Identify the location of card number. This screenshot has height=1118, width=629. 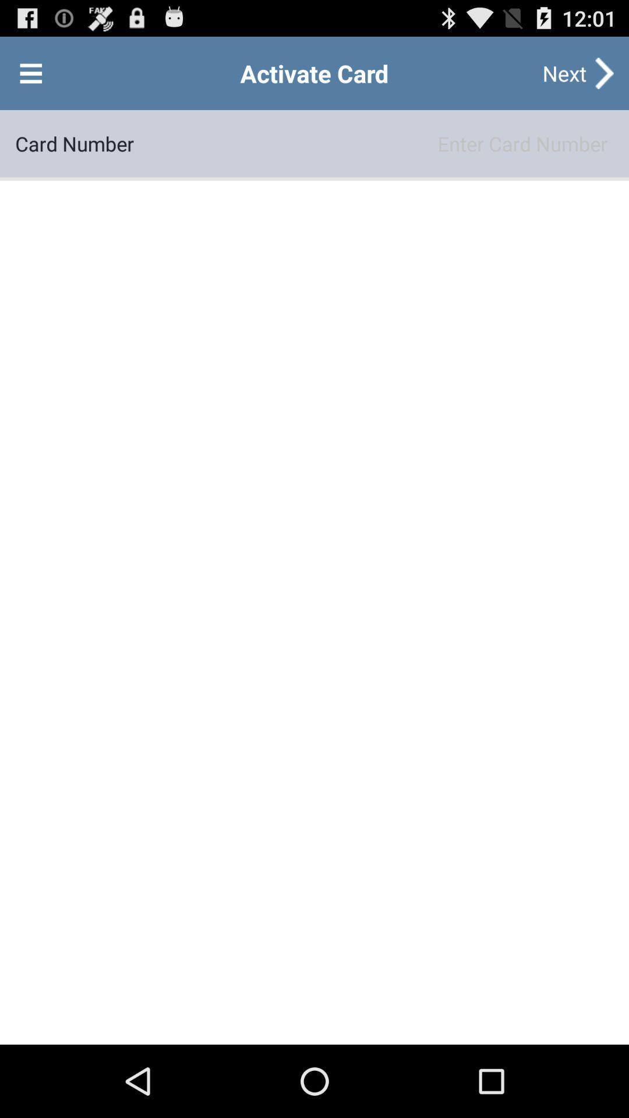
(373, 143).